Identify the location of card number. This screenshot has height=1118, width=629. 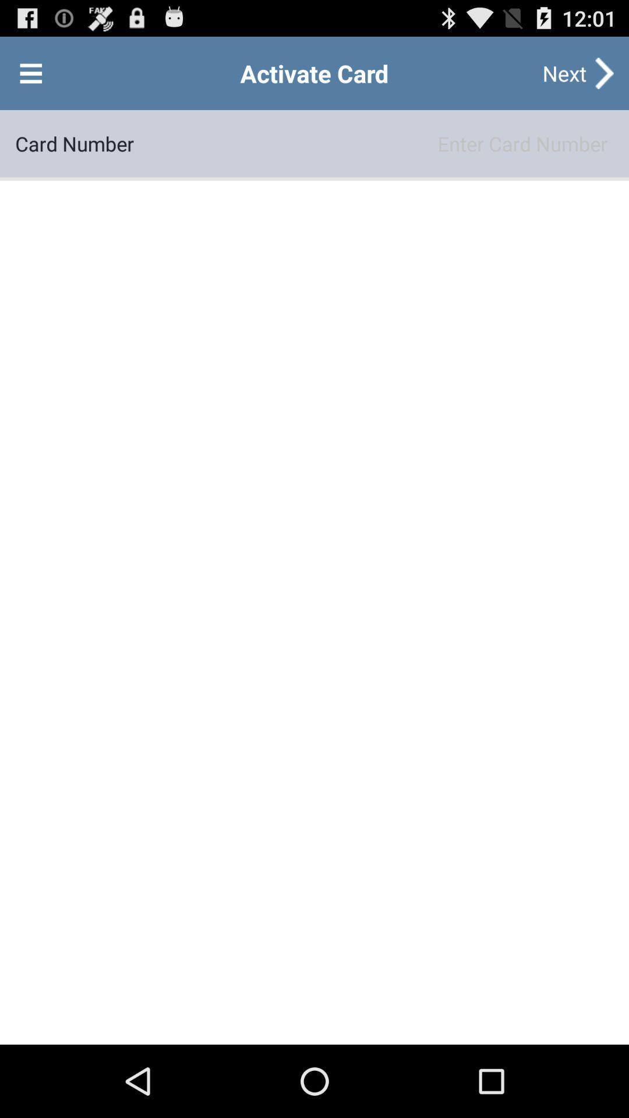
(373, 143).